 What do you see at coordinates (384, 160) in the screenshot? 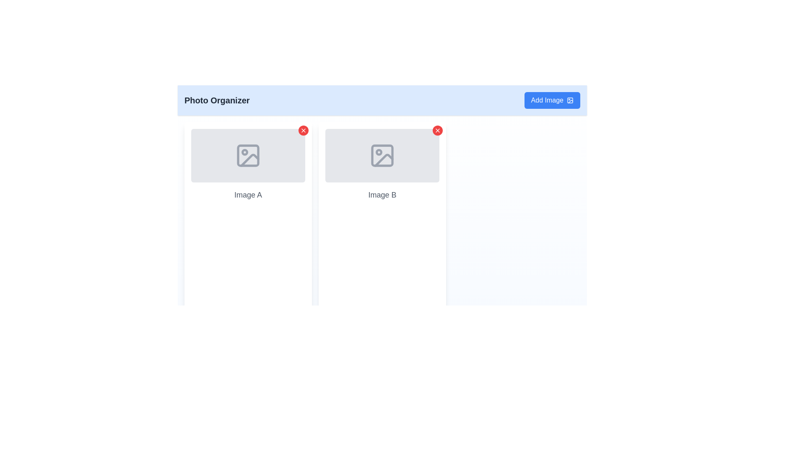
I see `vector graphic element representing a slanted line within the SVG component of the icon beneath the title 'Image B' using developer tools` at bounding box center [384, 160].